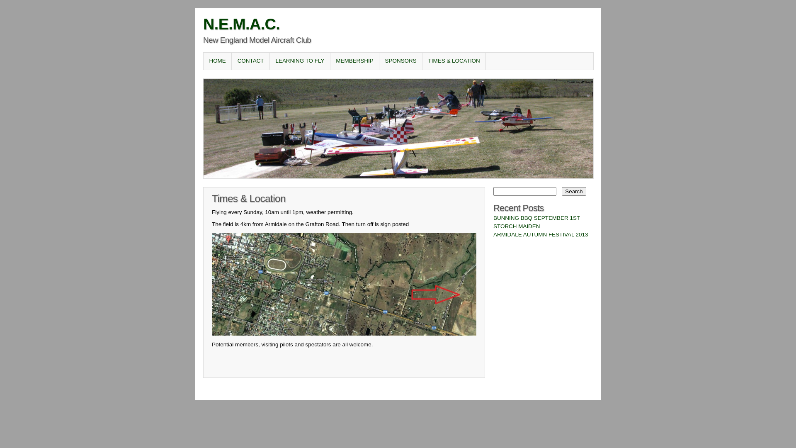 The width and height of the screenshot is (796, 448). Describe the element at coordinates (217, 60) in the screenshot. I see `'HOME'` at that location.